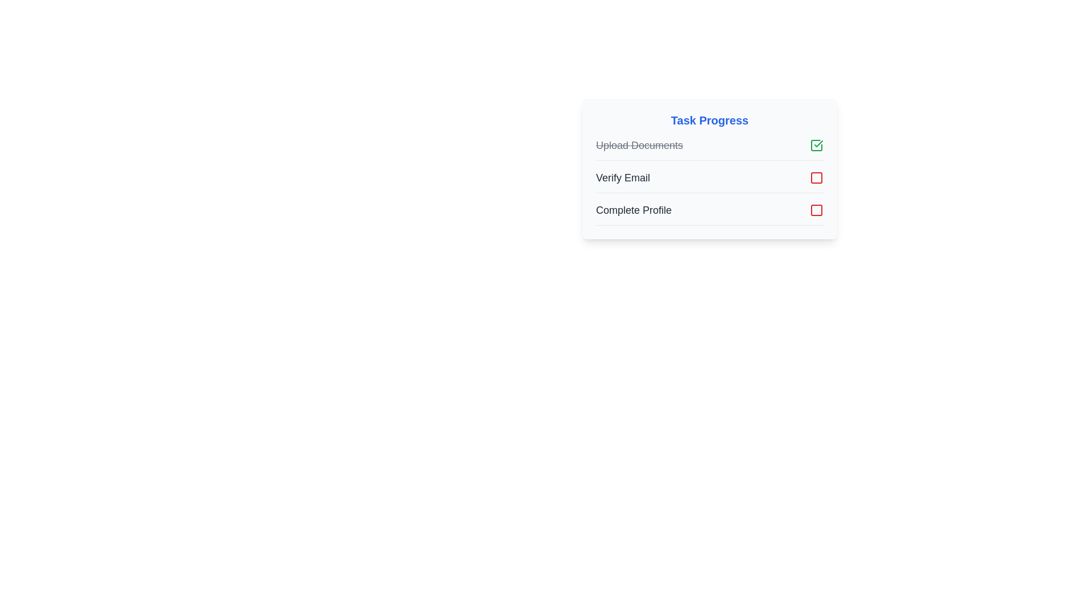 This screenshot has width=1092, height=614. Describe the element at coordinates (709, 121) in the screenshot. I see `the 'Task Progress' text label, which is displayed in bold, extra-large blue font at the top of a white rounded rectangle card` at that location.